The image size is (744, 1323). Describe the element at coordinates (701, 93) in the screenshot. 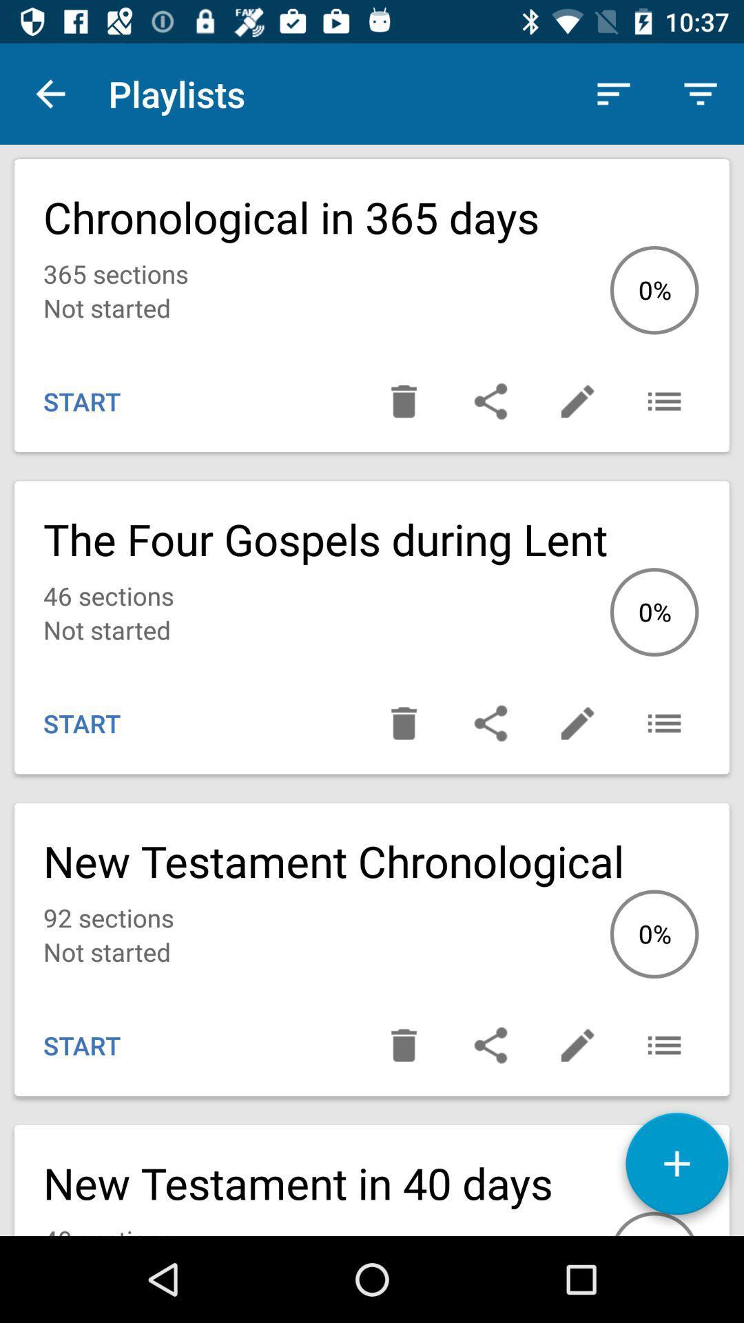

I see `item above the chronological in 365` at that location.